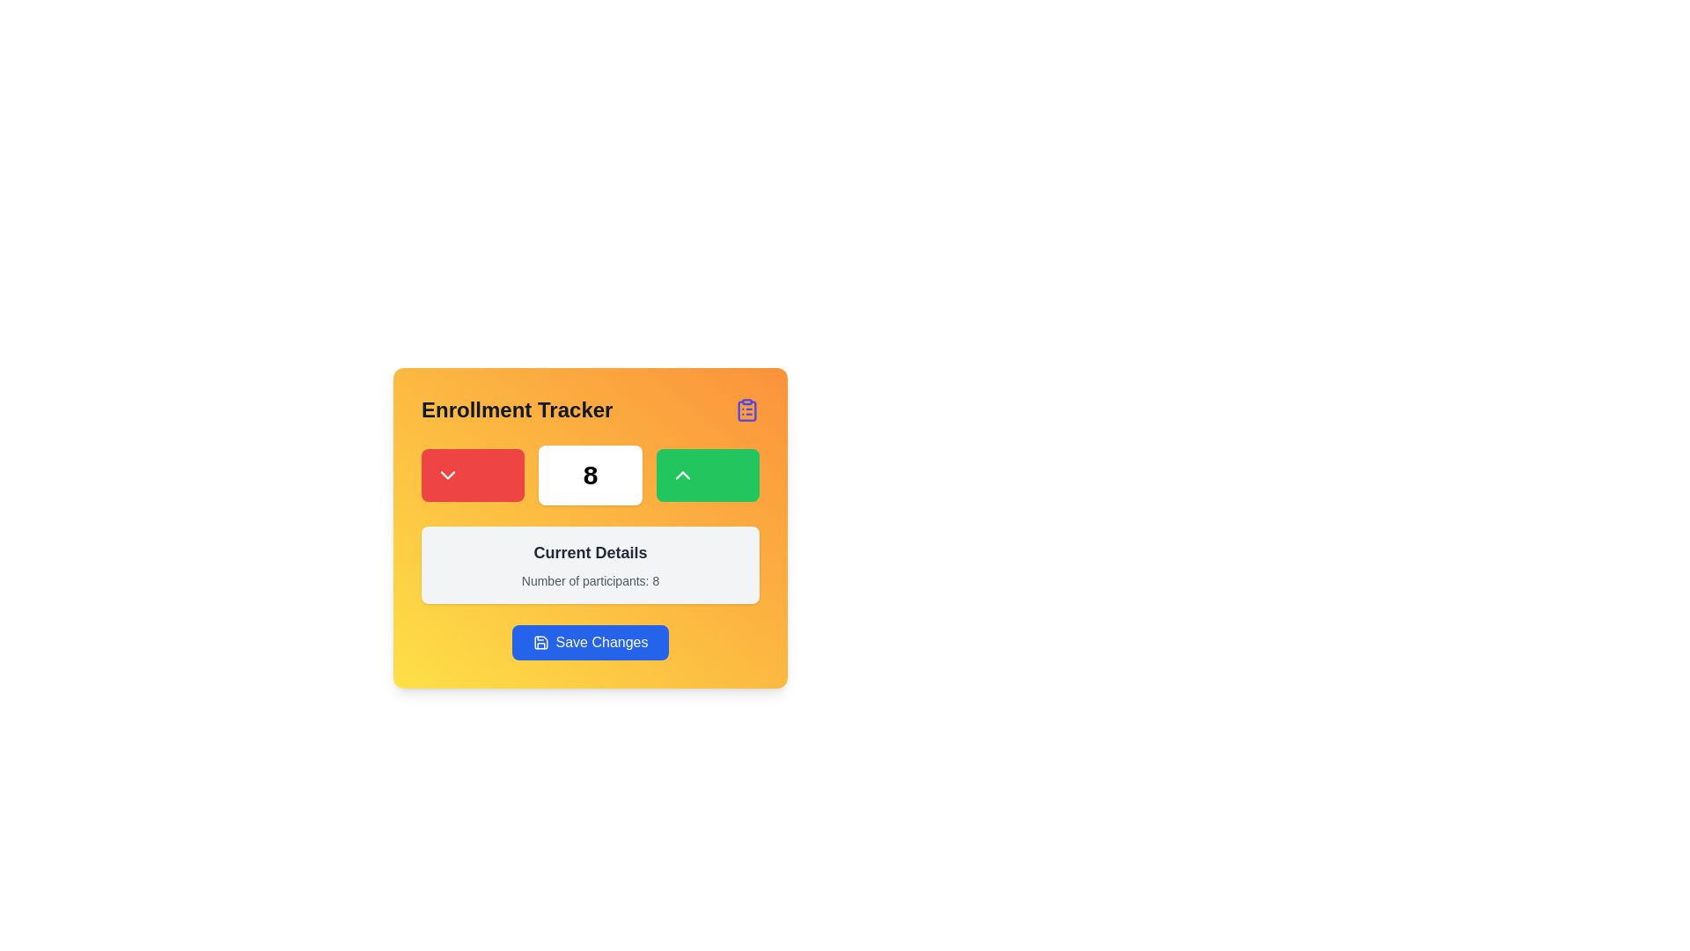  What do you see at coordinates (591, 564) in the screenshot?
I see `the informational card displaying the number of participants indicated as '8', located within the yellow-orange box labeled 'Enrollment Tracker', positioned above the blue button labeled 'Save Changes'` at bounding box center [591, 564].